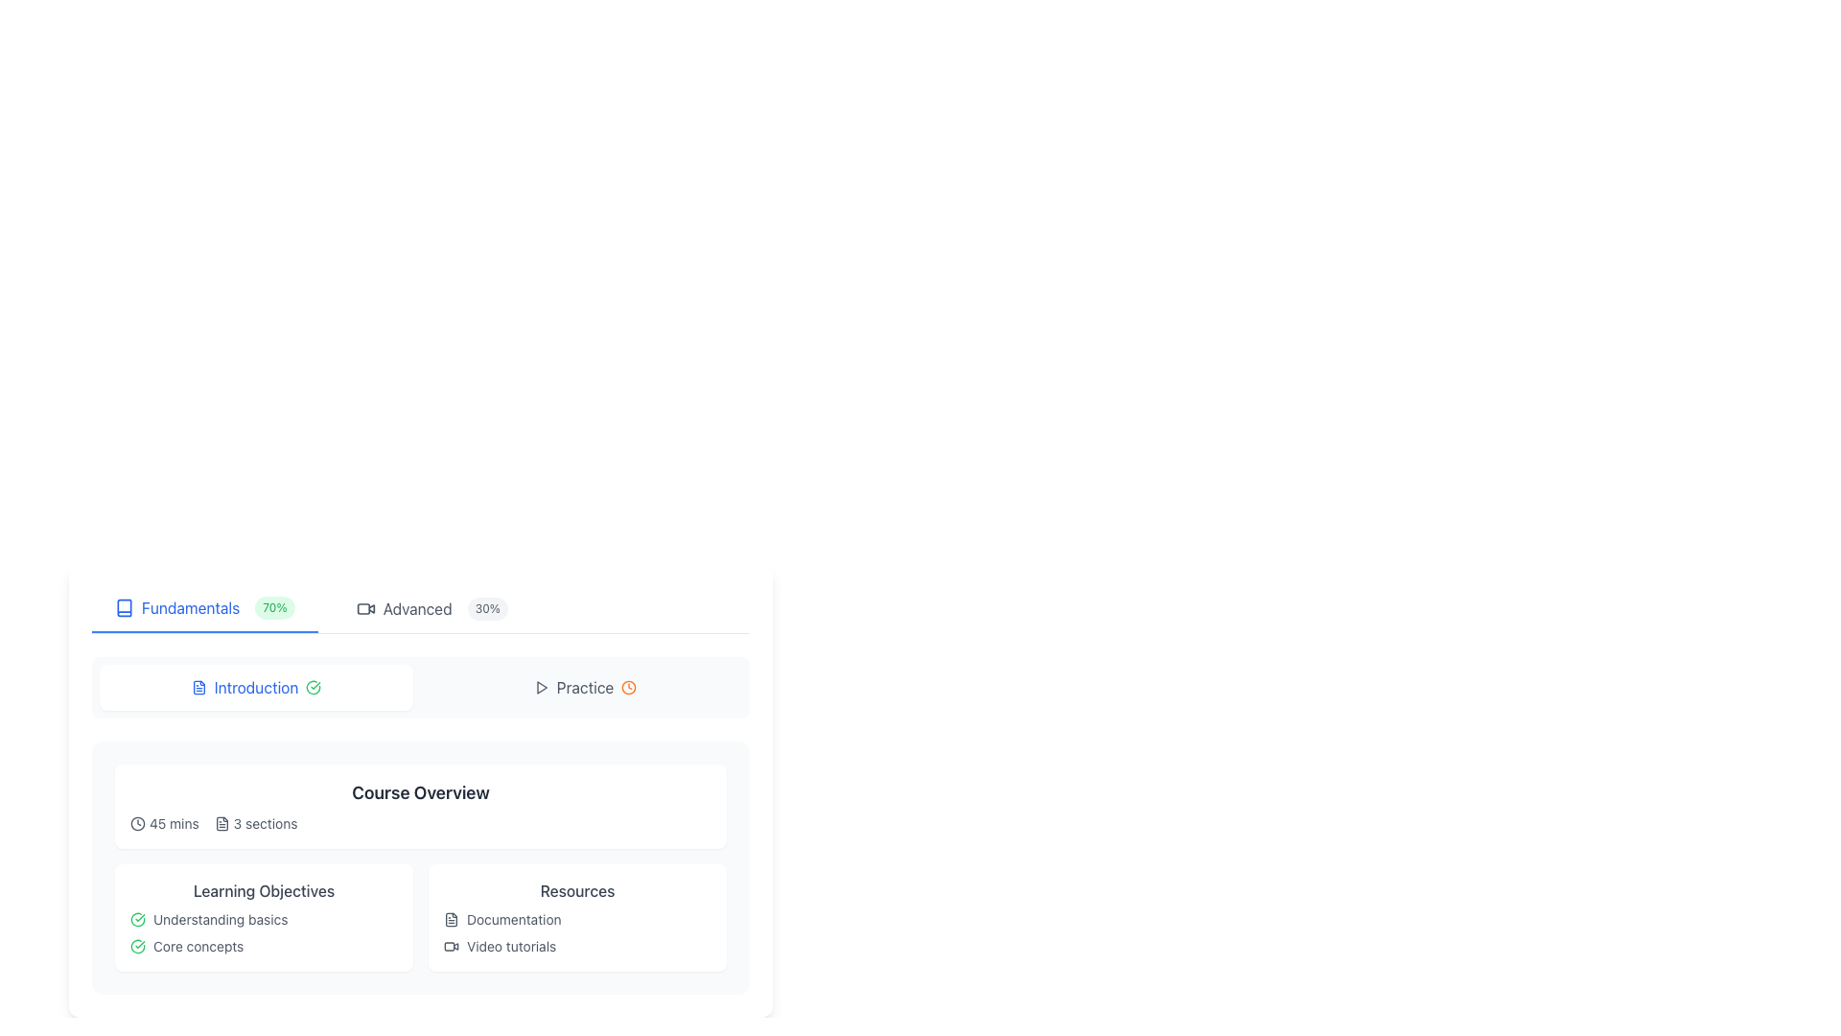 This screenshot has width=1841, height=1036. Describe the element at coordinates (221, 823) in the screenshot. I see `the document icon located in the course overview section associated with the '45 mins 3 sections' label` at that location.